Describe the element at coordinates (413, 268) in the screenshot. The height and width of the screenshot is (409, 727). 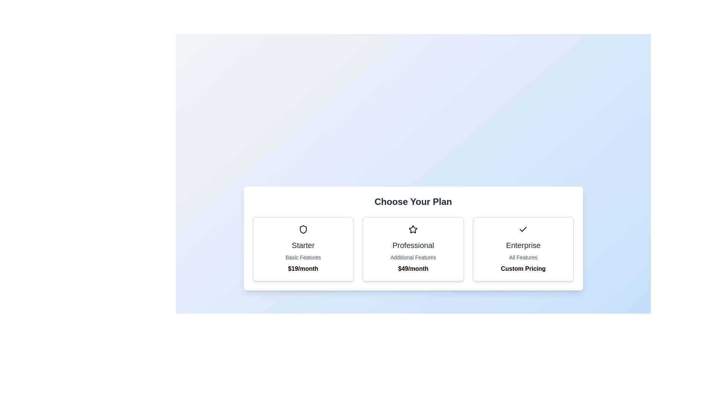
I see `the text label displaying '$49/month' within the 'Professional' plan card, which is styled in bold and positioned below the subtitle 'Additional Features'` at that location.